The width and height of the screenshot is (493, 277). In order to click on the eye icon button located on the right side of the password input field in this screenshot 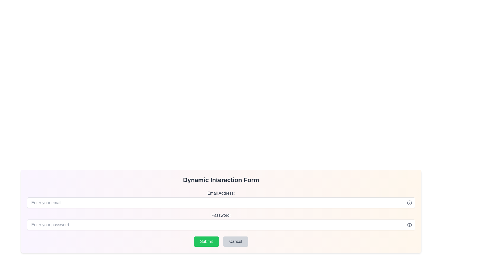, I will do `click(409, 224)`.